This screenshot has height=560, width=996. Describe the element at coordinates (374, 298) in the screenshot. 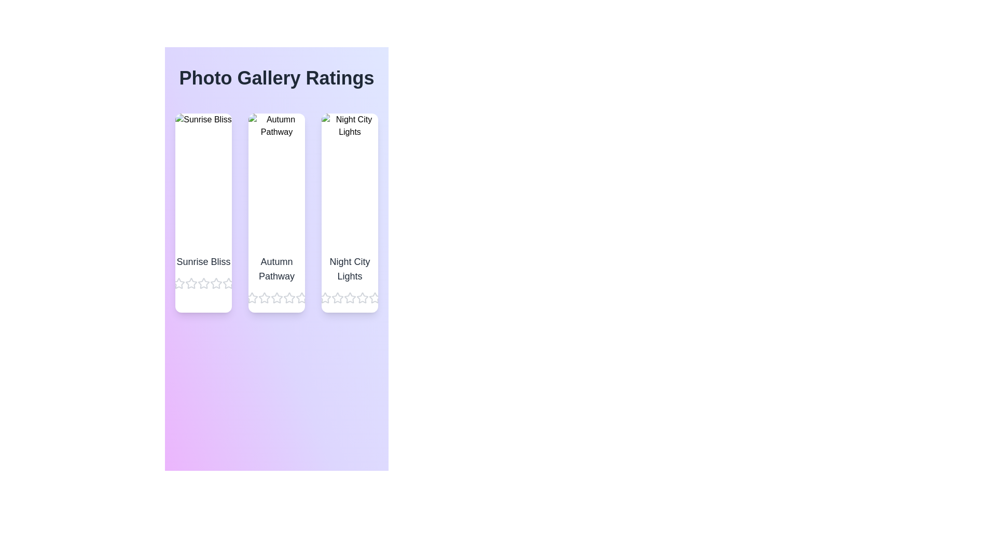

I see `the star corresponding to 5 stars for the image titled Night City Lights` at that location.